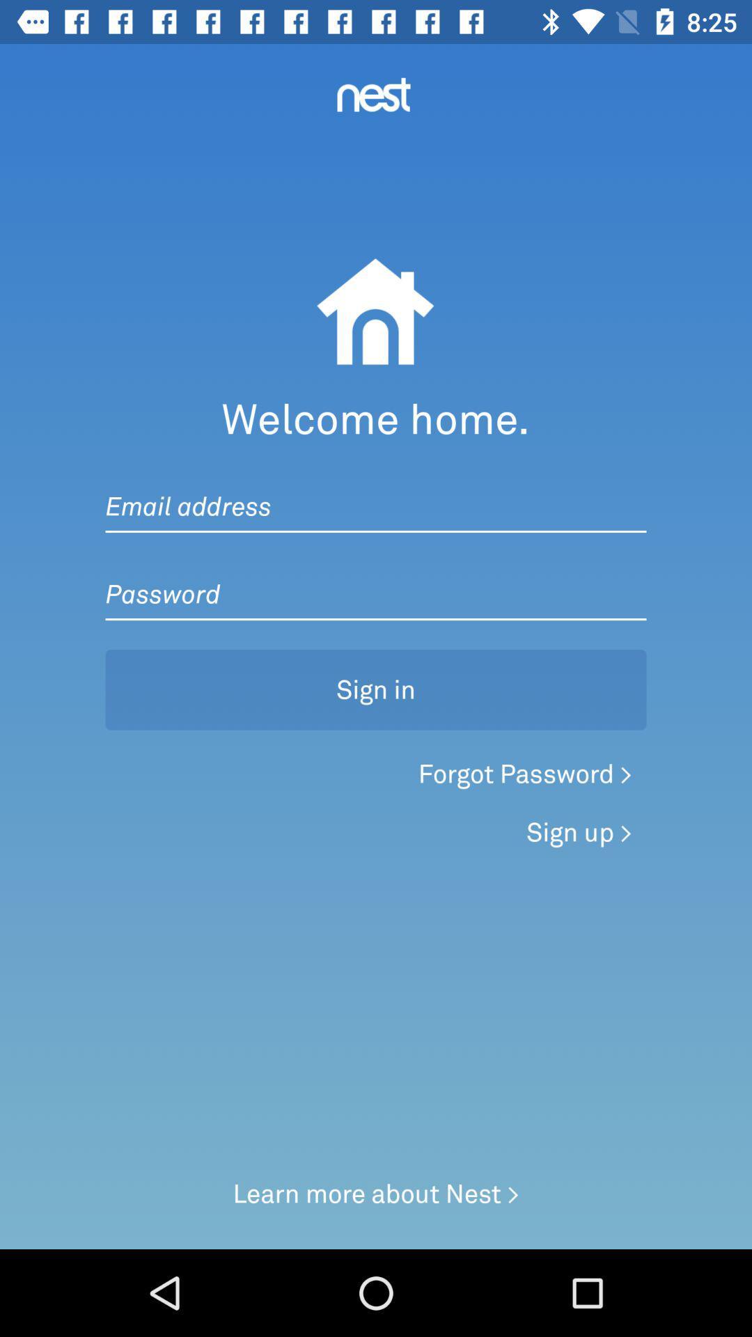  What do you see at coordinates (376, 689) in the screenshot?
I see `sign in icon` at bounding box center [376, 689].